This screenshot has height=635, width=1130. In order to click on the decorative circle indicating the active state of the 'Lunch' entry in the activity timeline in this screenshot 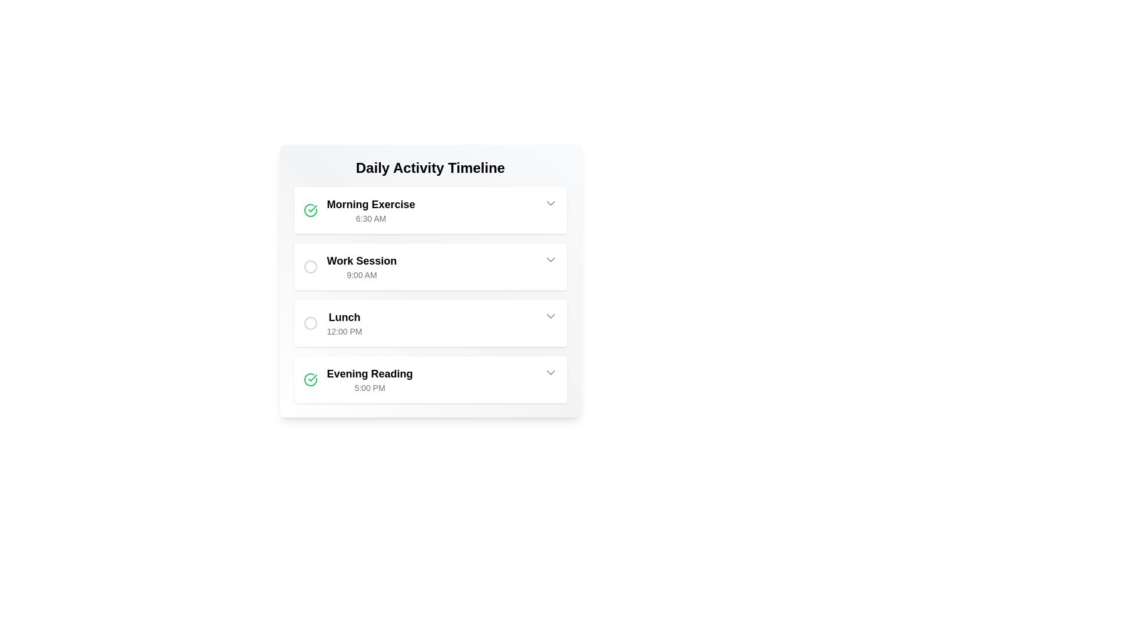, I will do `click(310, 323)`.